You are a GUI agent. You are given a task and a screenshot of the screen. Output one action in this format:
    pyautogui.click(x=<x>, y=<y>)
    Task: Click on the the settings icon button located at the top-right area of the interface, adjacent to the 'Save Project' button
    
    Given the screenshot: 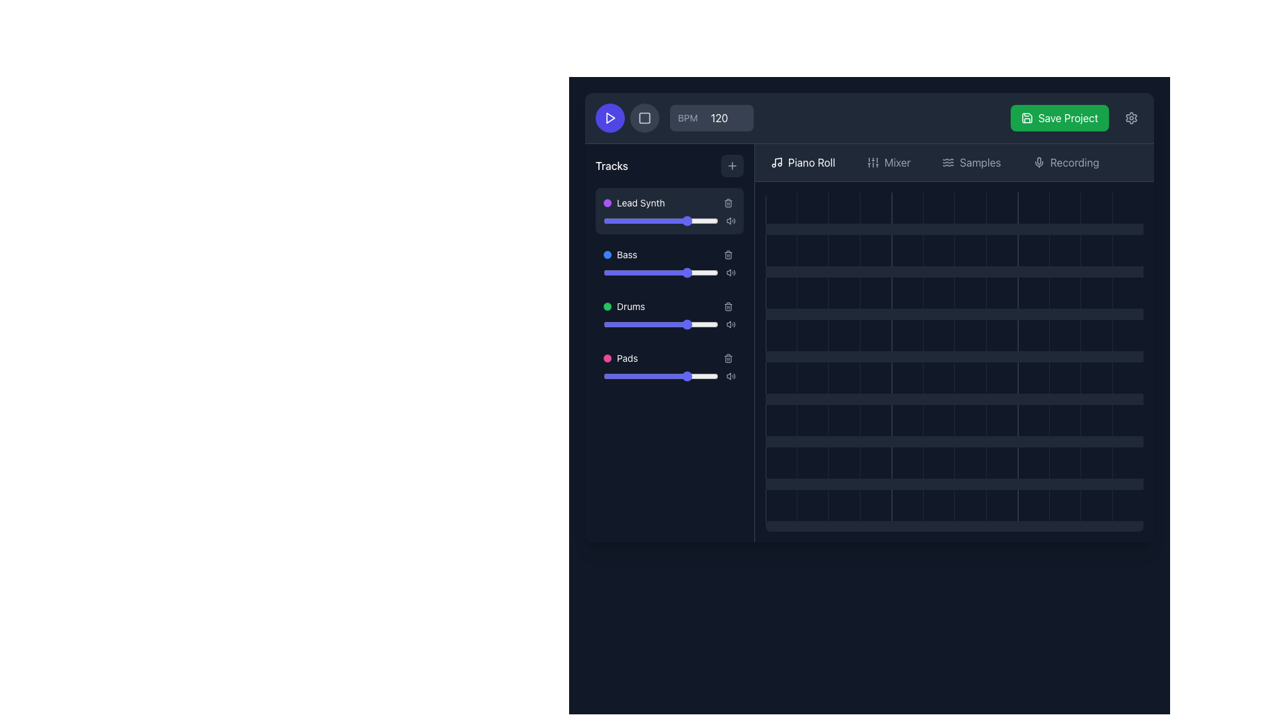 What is the action you would take?
    pyautogui.click(x=1131, y=117)
    